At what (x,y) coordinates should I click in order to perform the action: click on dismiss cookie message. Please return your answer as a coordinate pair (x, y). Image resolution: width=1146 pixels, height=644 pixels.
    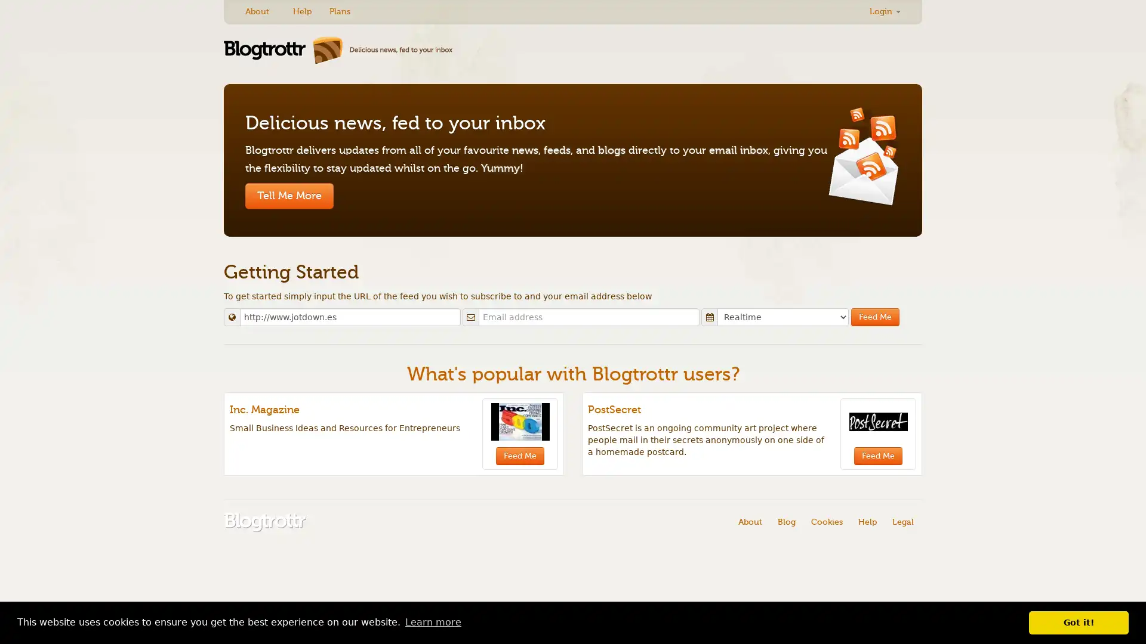
    Looking at the image, I should click on (1079, 622).